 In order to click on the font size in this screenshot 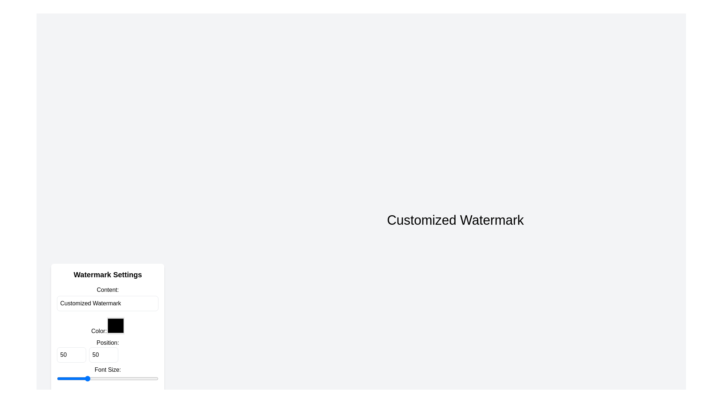, I will do `click(64, 378)`.